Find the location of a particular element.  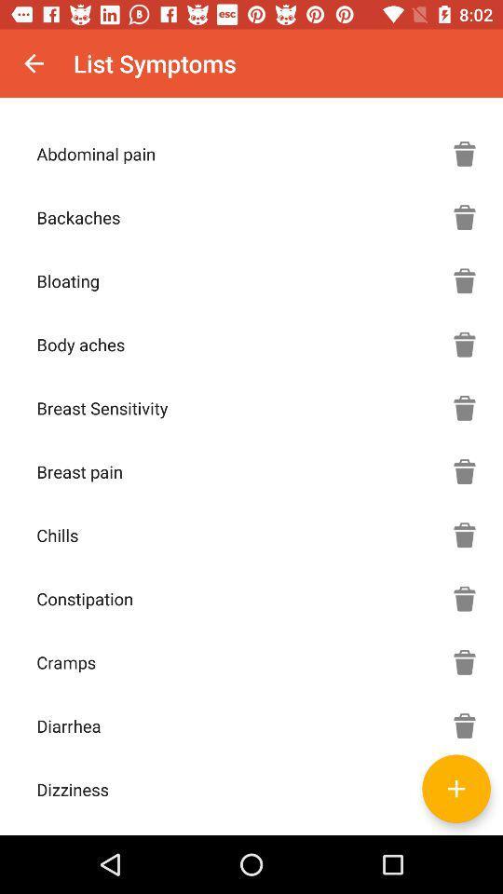

delete box is located at coordinates (464, 344).